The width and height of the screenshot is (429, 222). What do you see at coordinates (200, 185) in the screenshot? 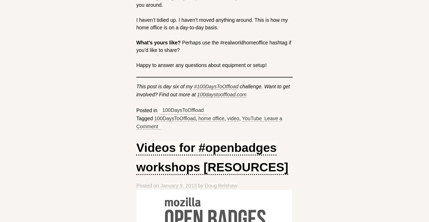
I see `'by'` at bounding box center [200, 185].